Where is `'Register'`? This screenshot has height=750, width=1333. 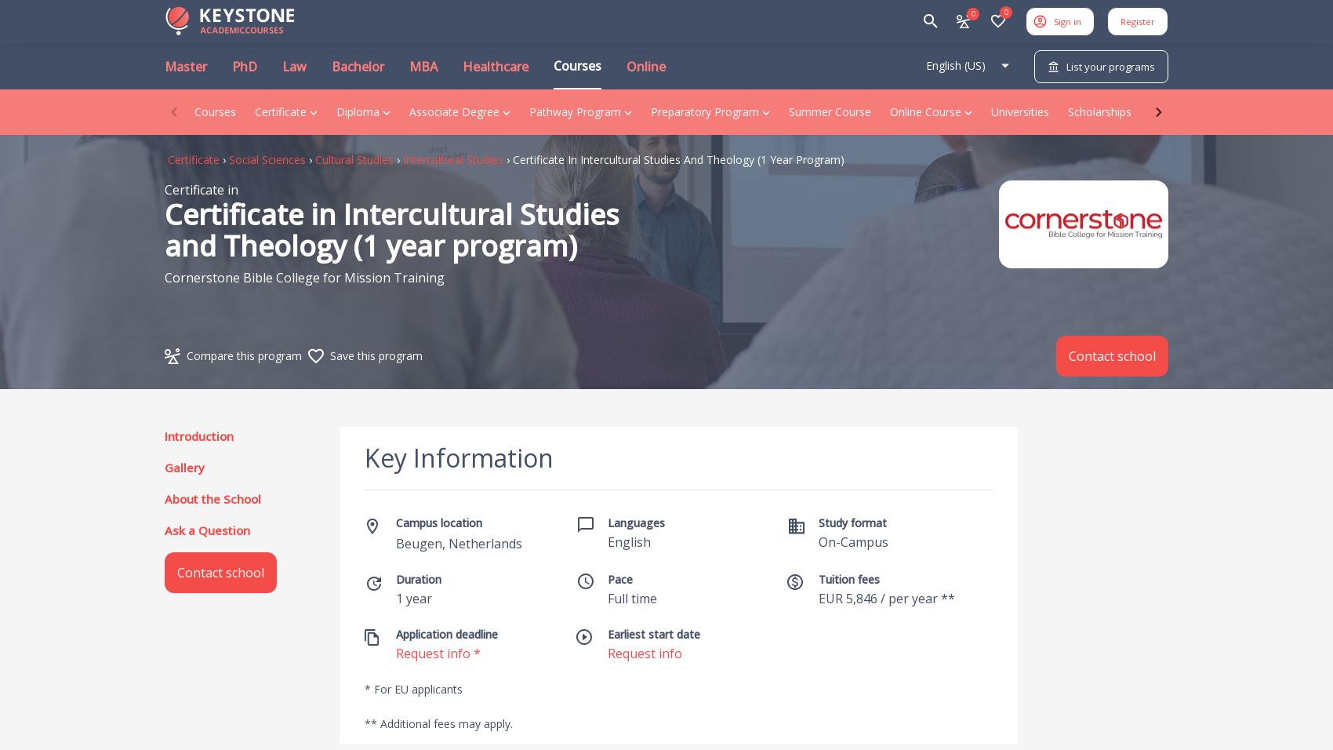 'Register' is located at coordinates (1136, 20).